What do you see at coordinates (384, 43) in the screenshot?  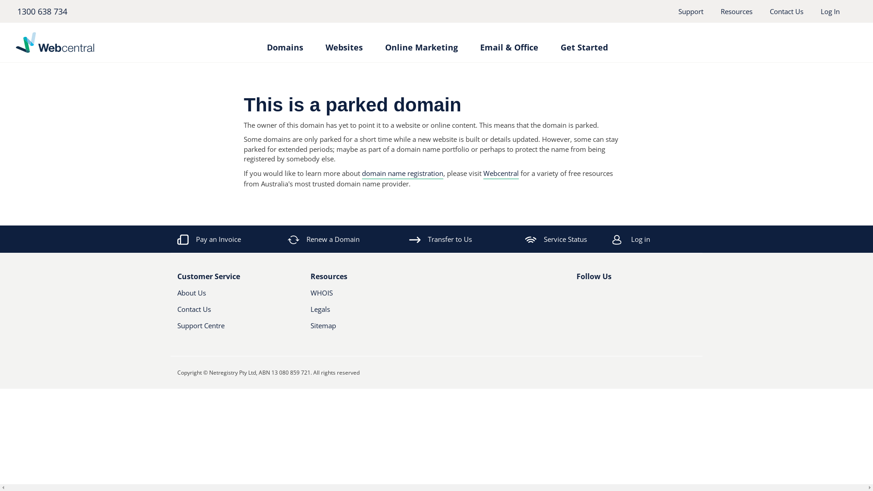 I see `'Online Marketing'` at bounding box center [384, 43].